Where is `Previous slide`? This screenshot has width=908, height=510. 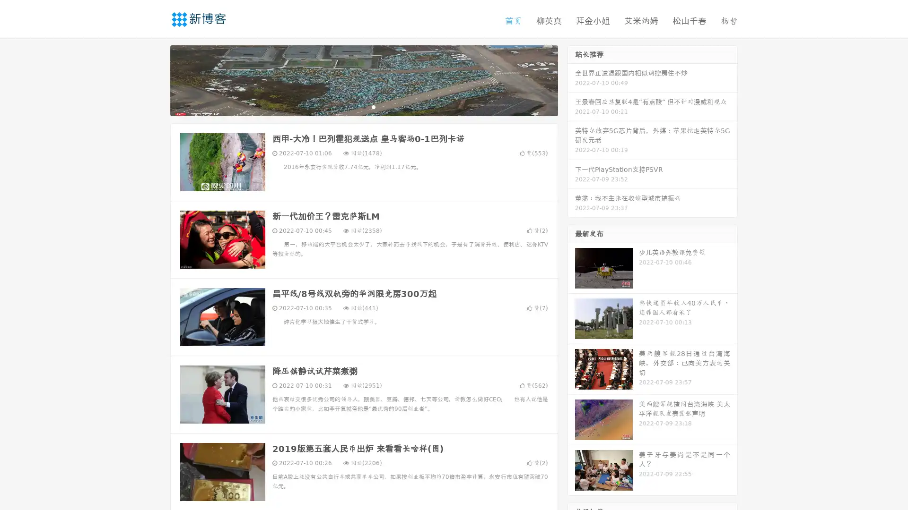 Previous slide is located at coordinates (156, 79).